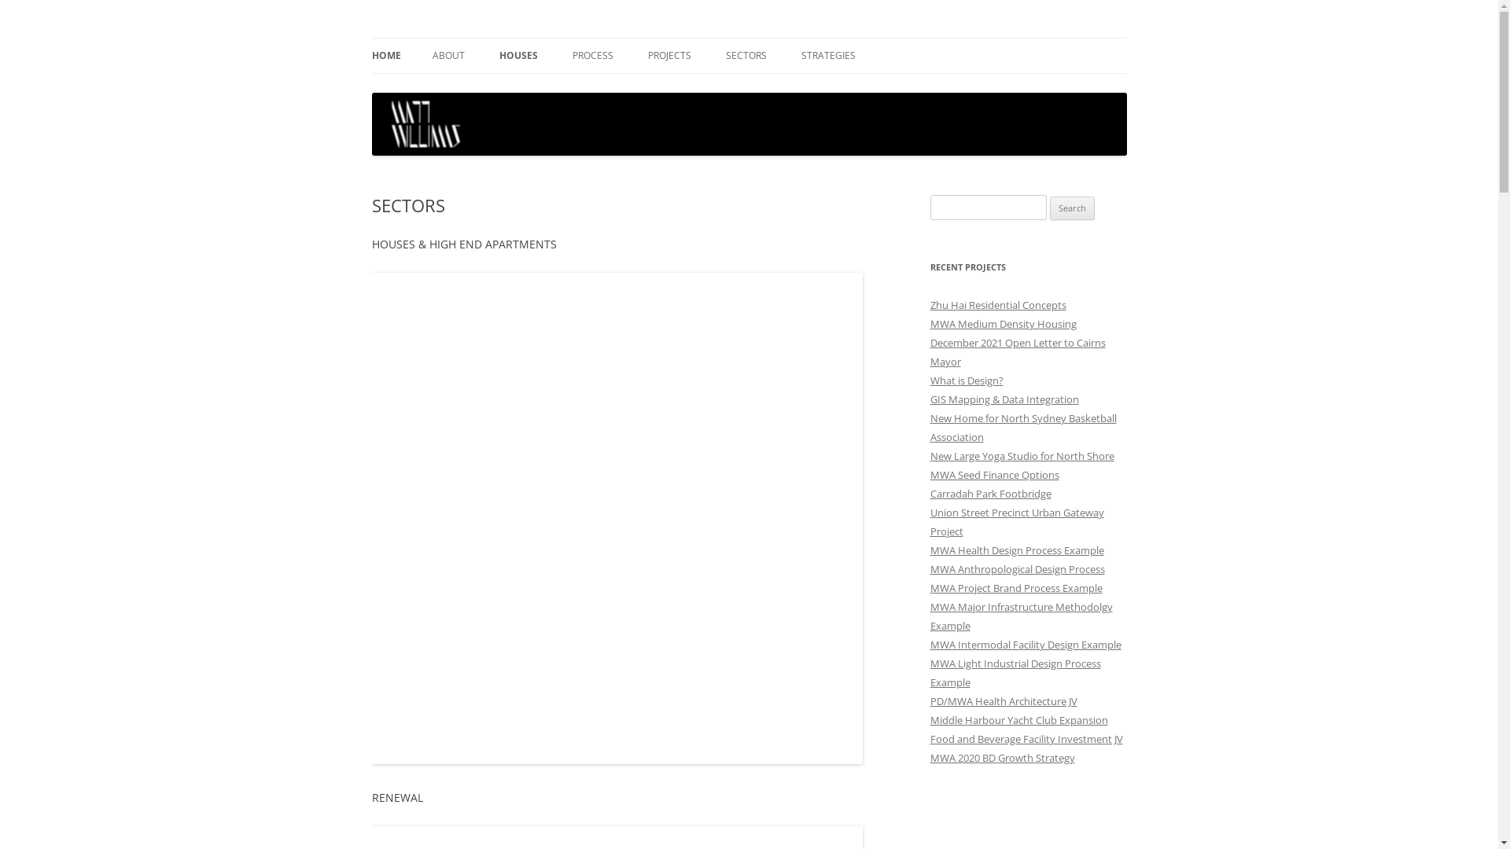  Describe the element at coordinates (1002, 323) in the screenshot. I see `'MWA Medium Density Housing'` at that location.